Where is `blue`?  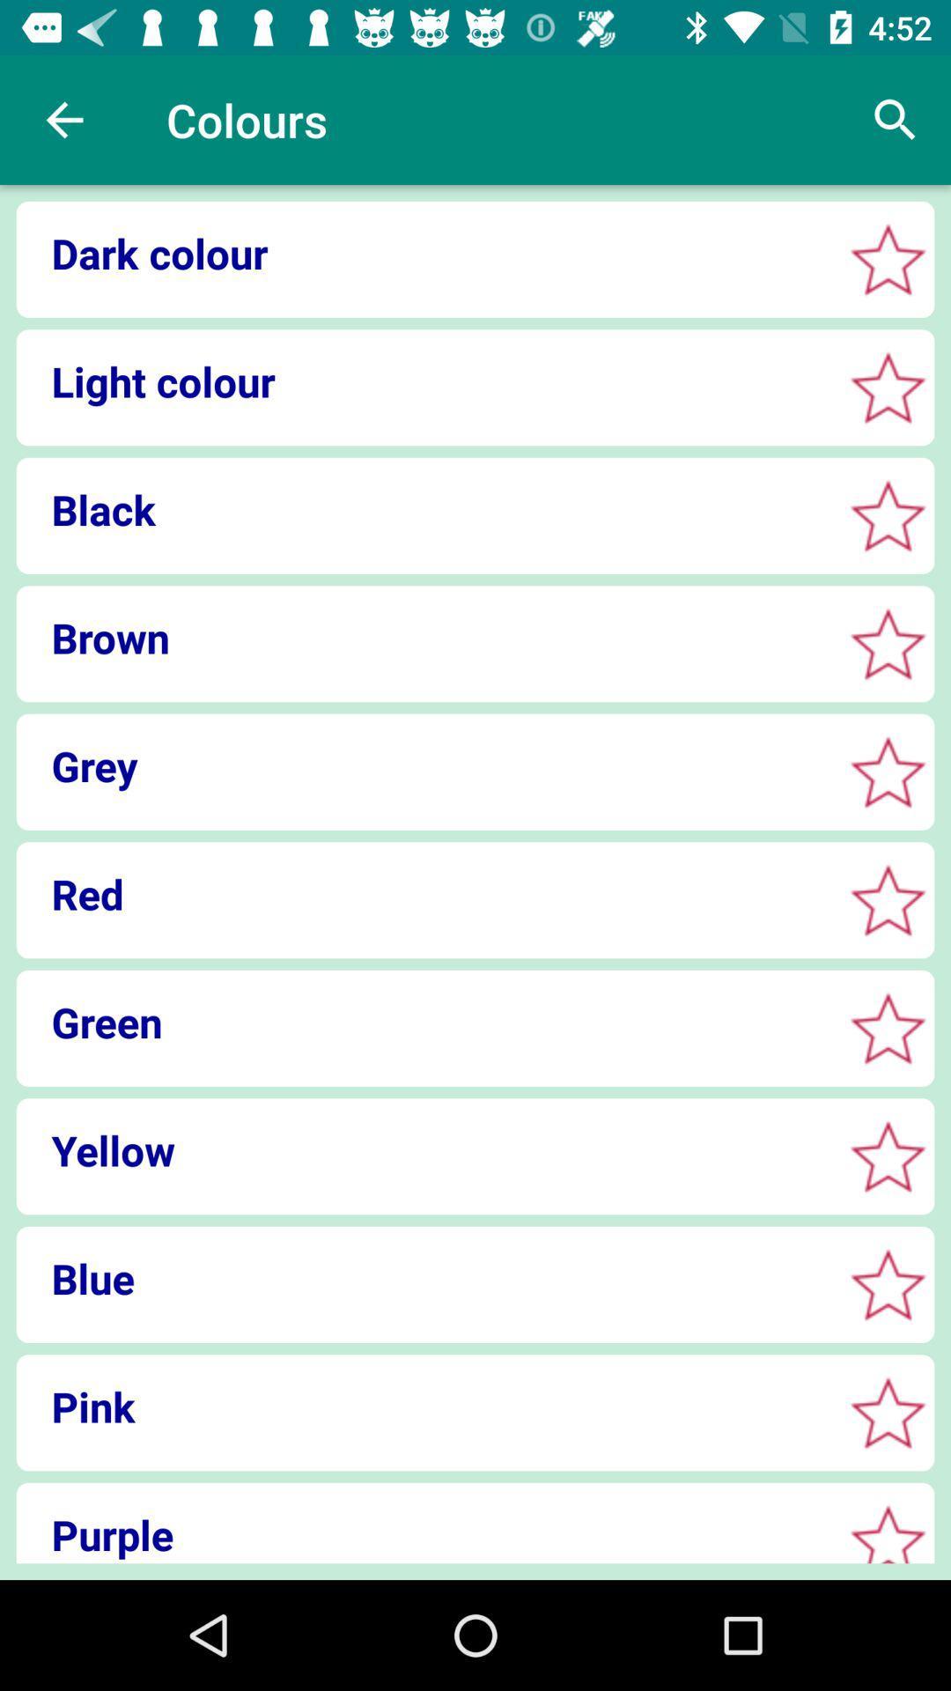
blue is located at coordinates (424, 1278).